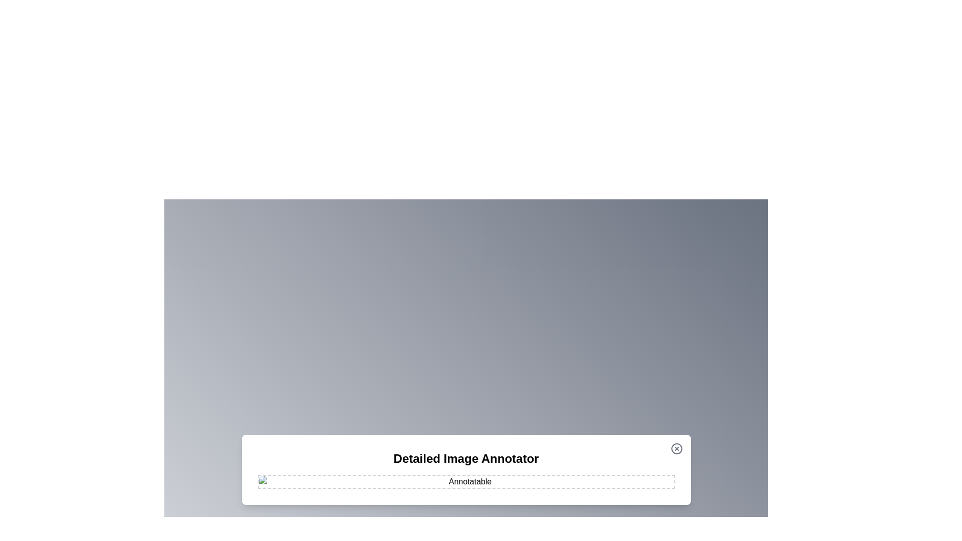 This screenshot has height=541, width=962. I want to click on the image at coordinates (537, 954) to add an annotation, so click(269, 477).